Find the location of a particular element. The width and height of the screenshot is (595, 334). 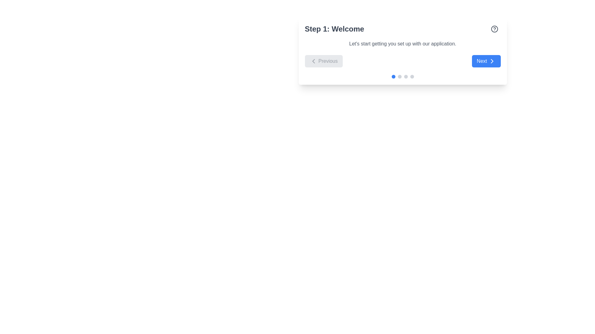

the blue 'Next' button with white text and a right-pointing chevron icon is located at coordinates (486, 61).